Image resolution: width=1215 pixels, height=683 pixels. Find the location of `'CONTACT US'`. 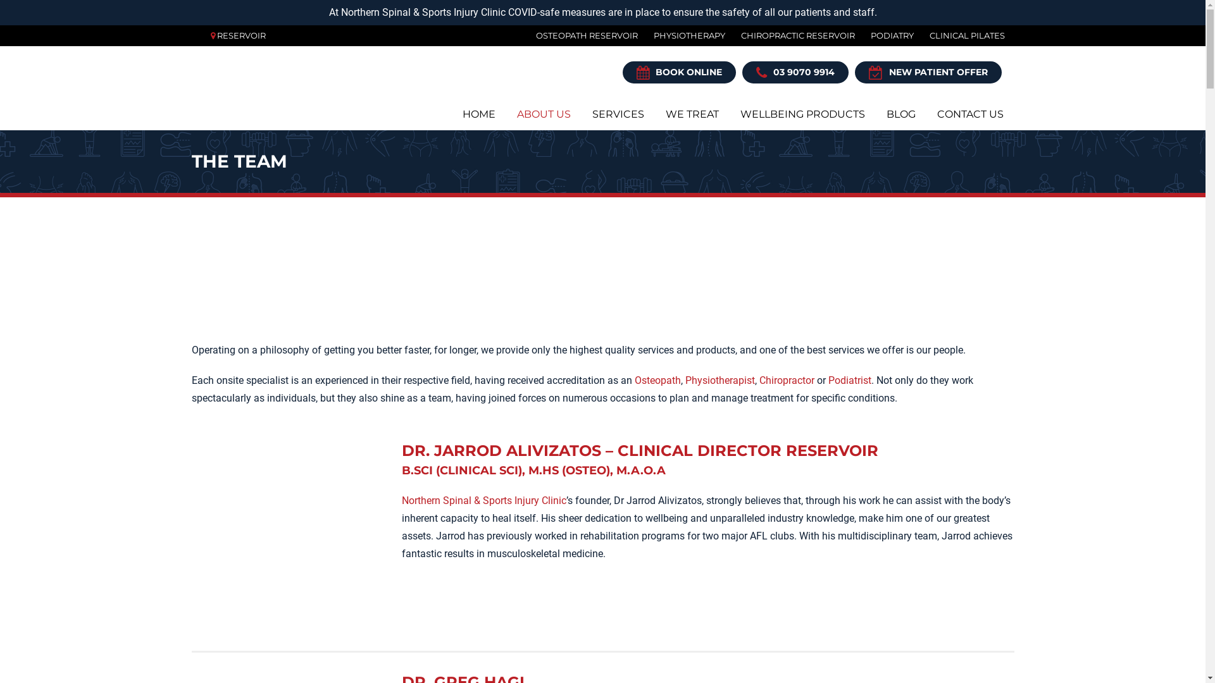

'CONTACT US' is located at coordinates (969, 114).